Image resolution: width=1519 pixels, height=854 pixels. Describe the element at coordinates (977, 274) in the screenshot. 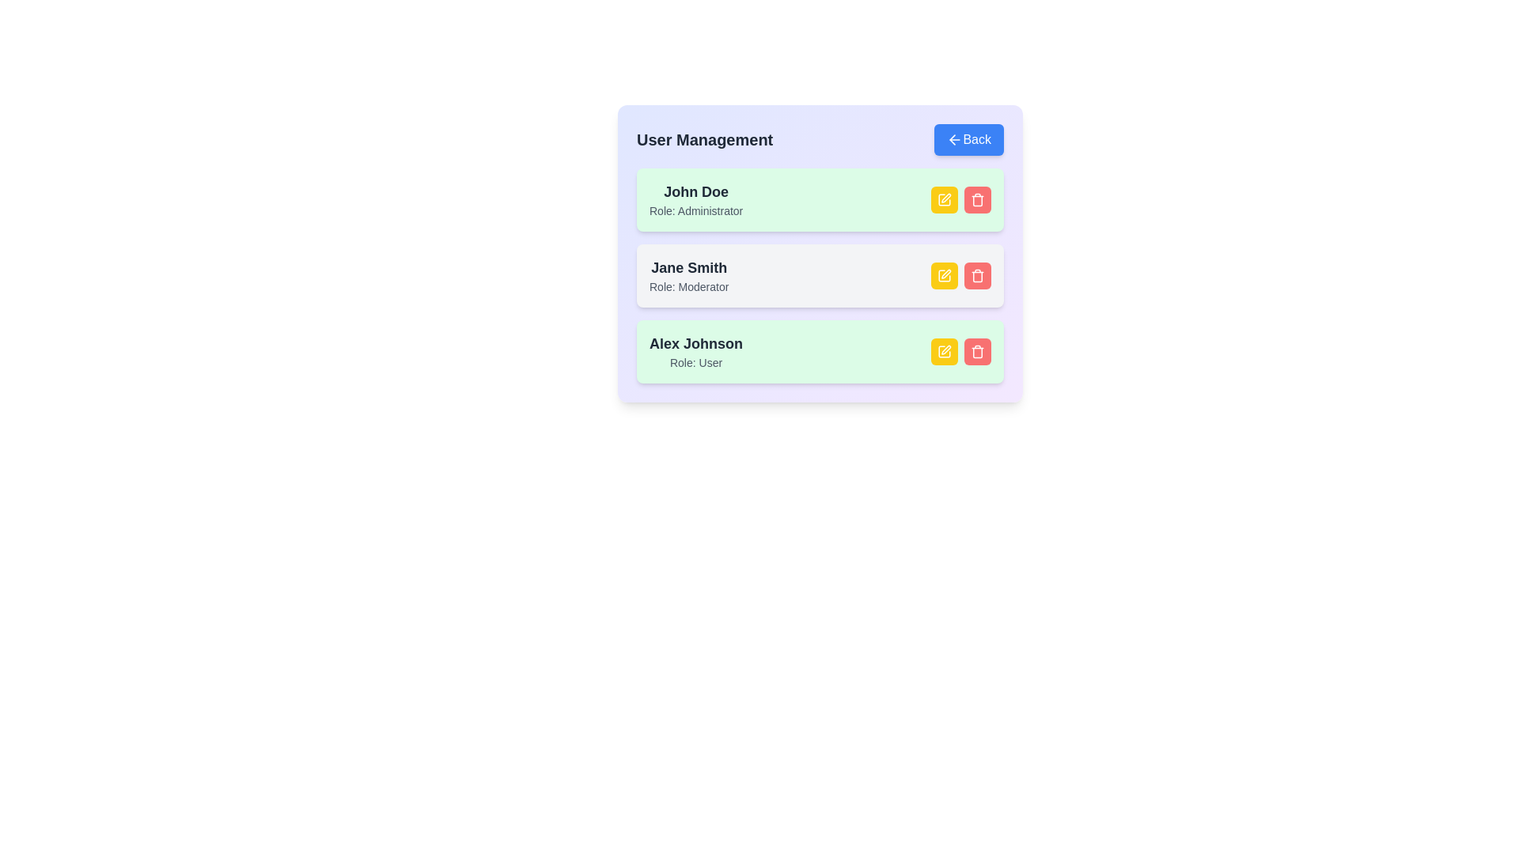

I see `delete button for the user Jane Smith` at that location.